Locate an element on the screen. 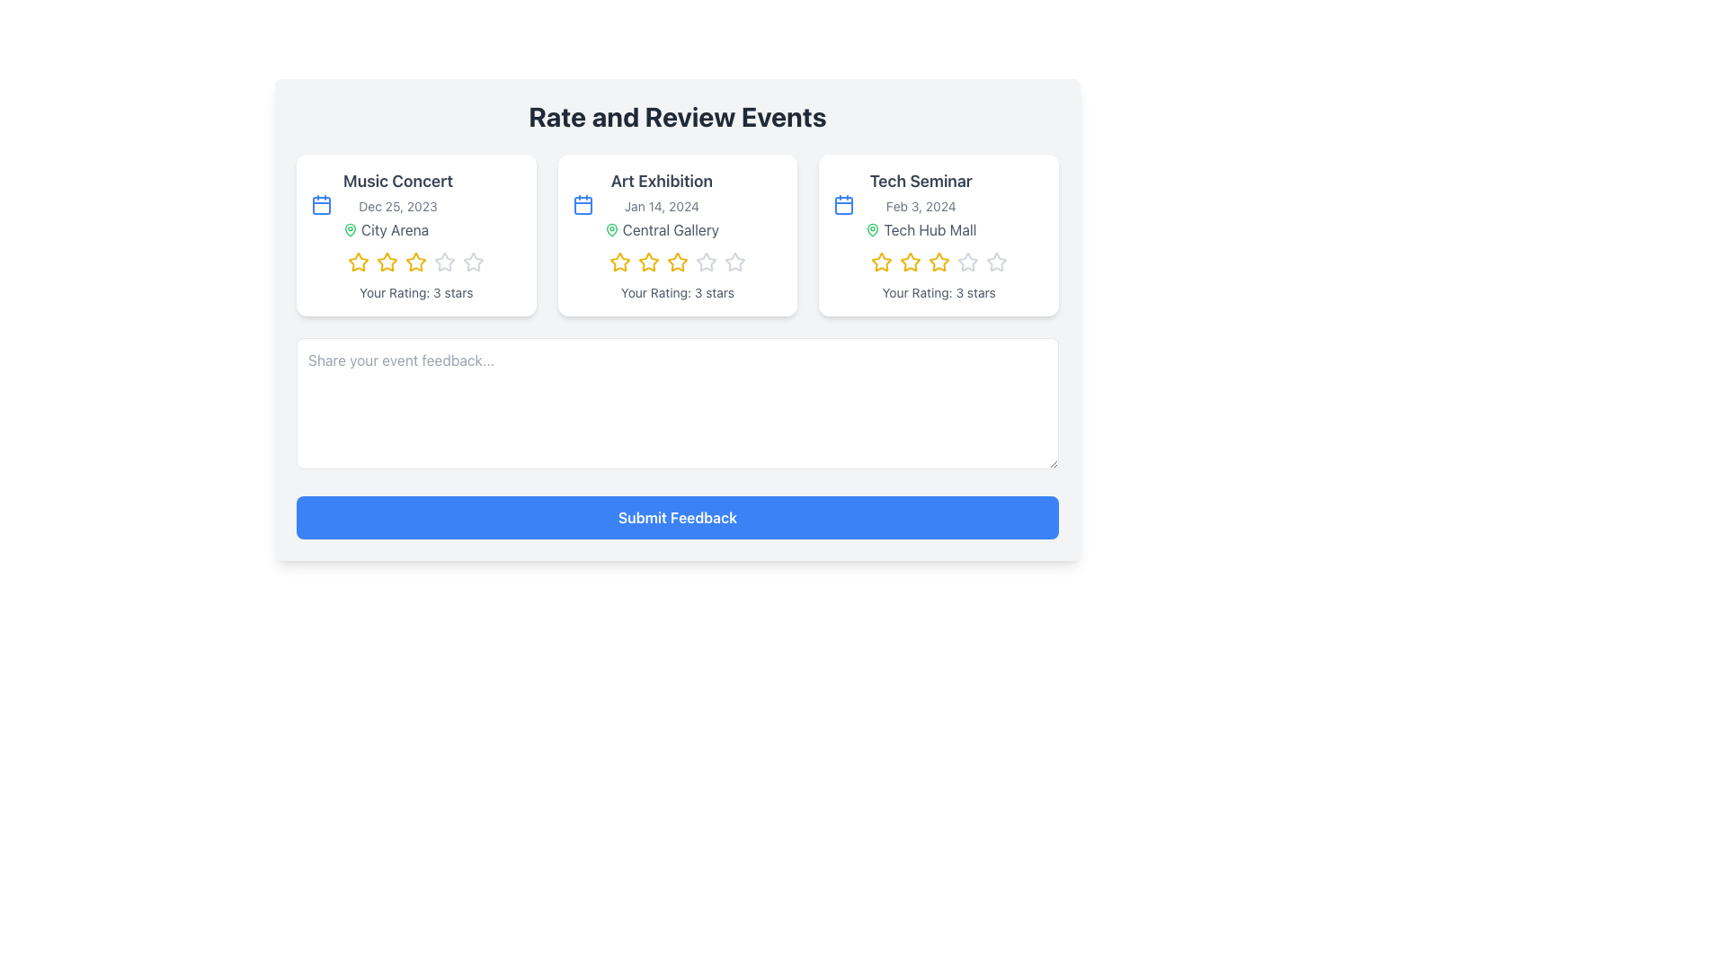 The image size is (1726, 971). the first star-shaped rating icon under the 'Tech Seminar' section is located at coordinates (881, 262).